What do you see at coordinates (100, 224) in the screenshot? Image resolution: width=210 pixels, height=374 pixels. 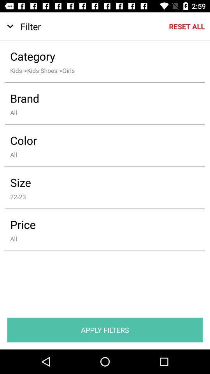 I see `icon above the all` at bounding box center [100, 224].